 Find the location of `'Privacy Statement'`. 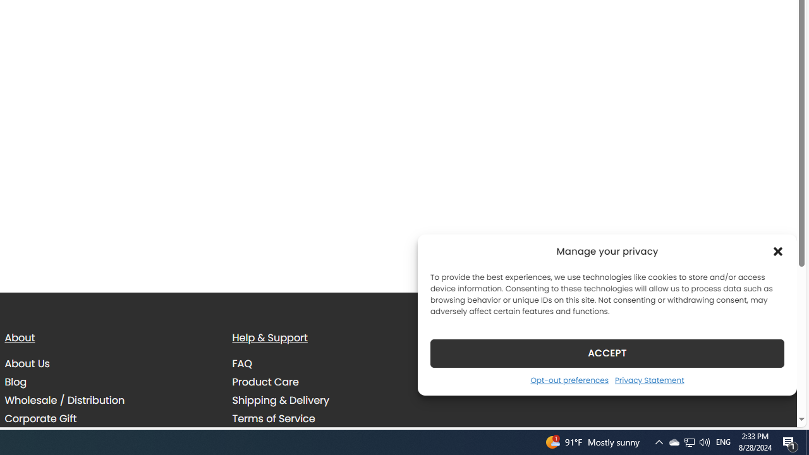

'Privacy Statement' is located at coordinates (649, 379).